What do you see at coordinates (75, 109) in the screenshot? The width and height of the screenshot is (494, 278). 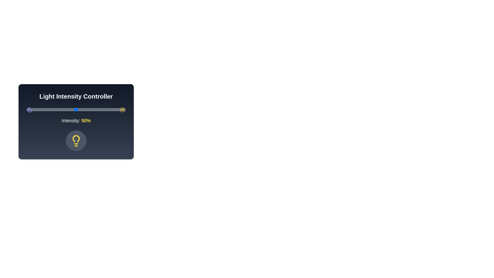 I see `the light intensity to 49% by moving the slider` at bounding box center [75, 109].